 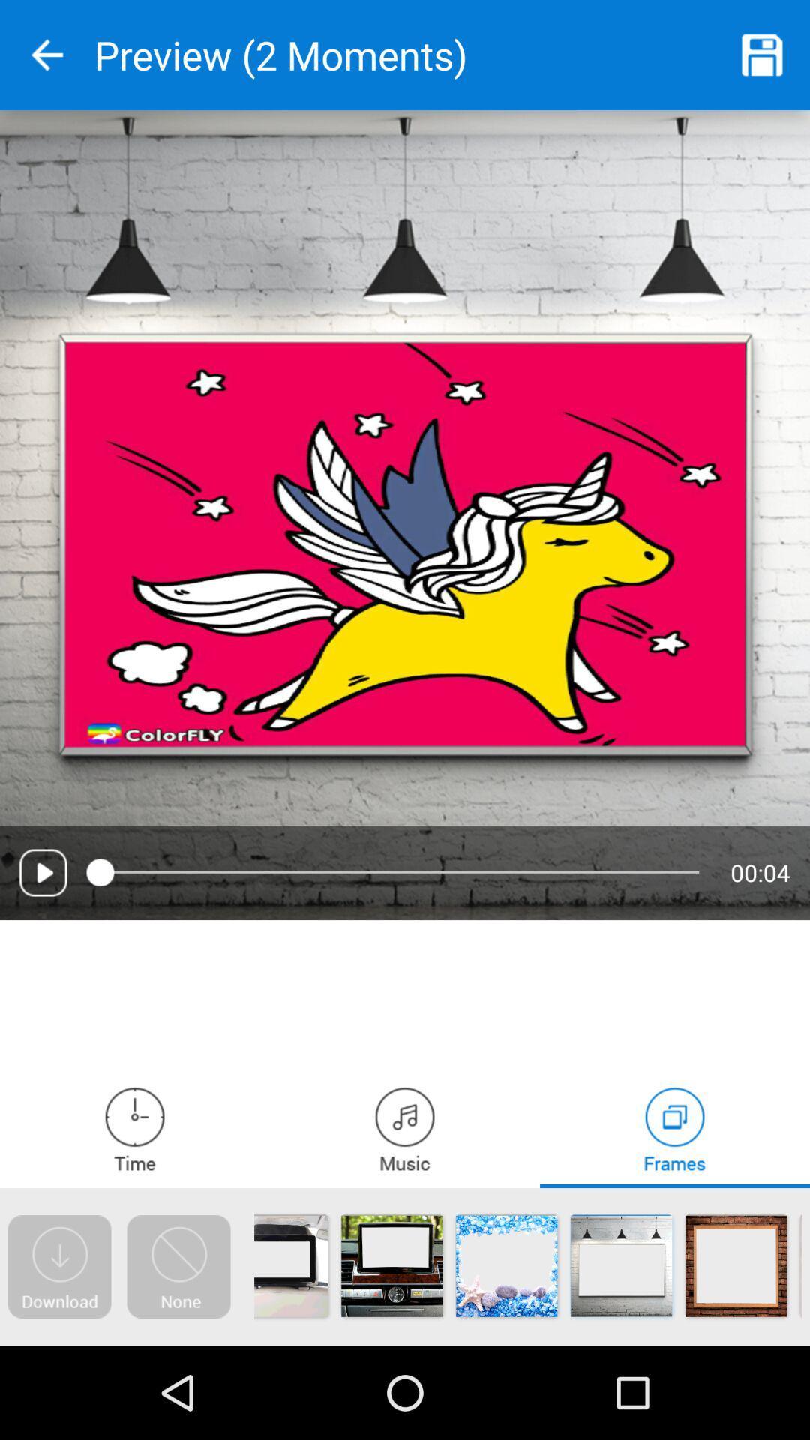 What do you see at coordinates (763, 55) in the screenshot?
I see `saves the moment` at bounding box center [763, 55].